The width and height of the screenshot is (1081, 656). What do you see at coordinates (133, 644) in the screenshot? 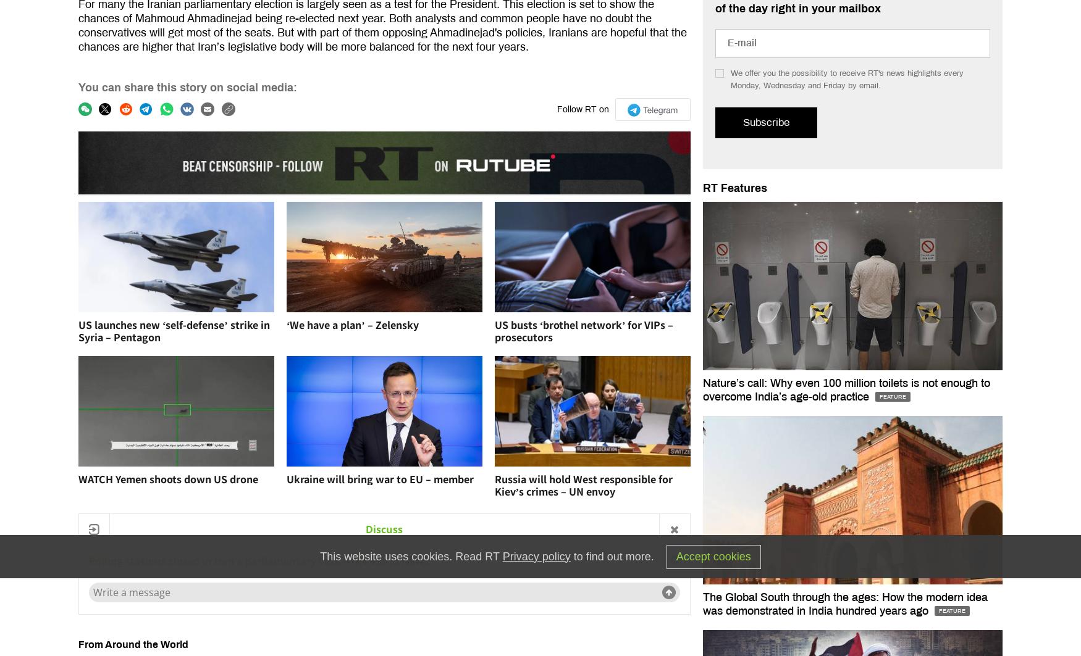
I see `'From Around the World'` at bounding box center [133, 644].